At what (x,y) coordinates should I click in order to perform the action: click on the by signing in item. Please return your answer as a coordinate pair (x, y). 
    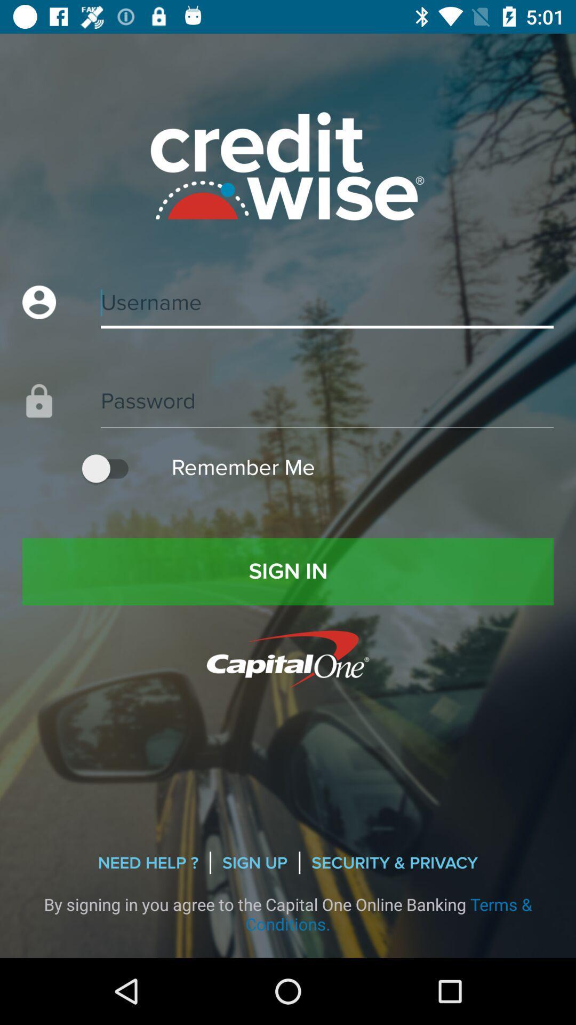
    Looking at the image, I should click on (288, 913).